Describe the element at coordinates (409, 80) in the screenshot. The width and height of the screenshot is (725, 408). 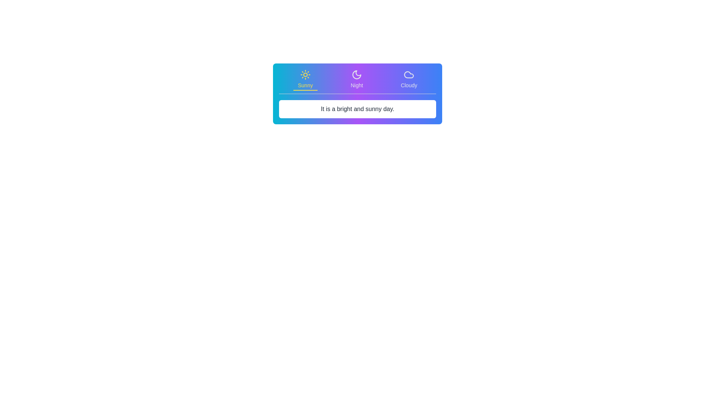
I see `the 'Cloudy' button located at the rightmost position in the group of weather state buttons` at that location.